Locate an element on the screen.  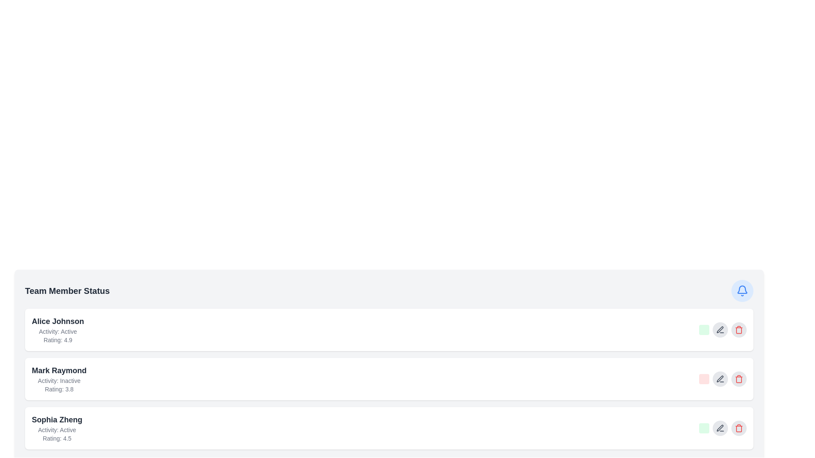
the badge that contains the active status icon, which is centrally located within the badge and indicates the status of a team member is located at coordinates (709, 430).